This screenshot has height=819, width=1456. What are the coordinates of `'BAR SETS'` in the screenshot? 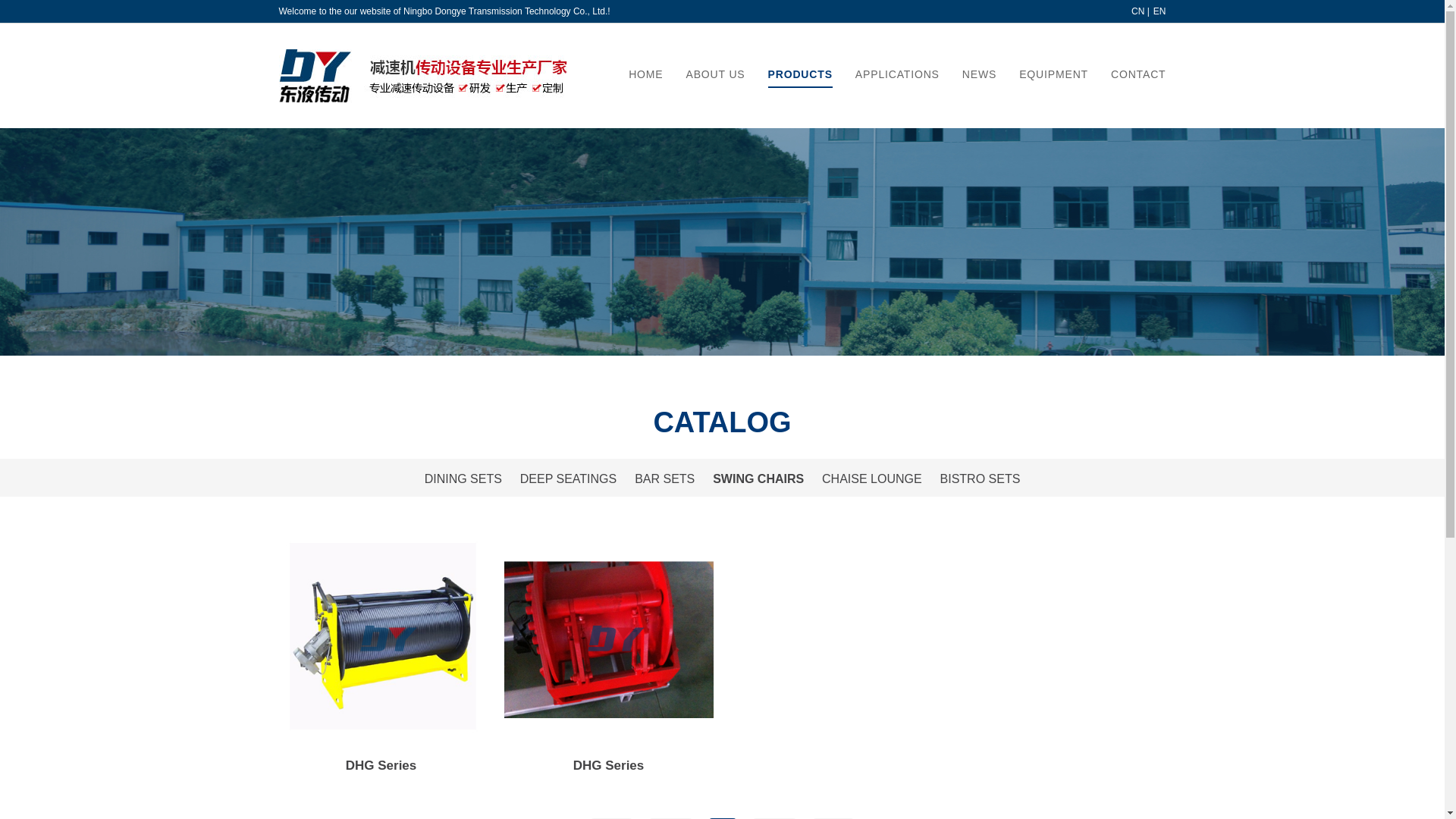 It's located at (664, 479).